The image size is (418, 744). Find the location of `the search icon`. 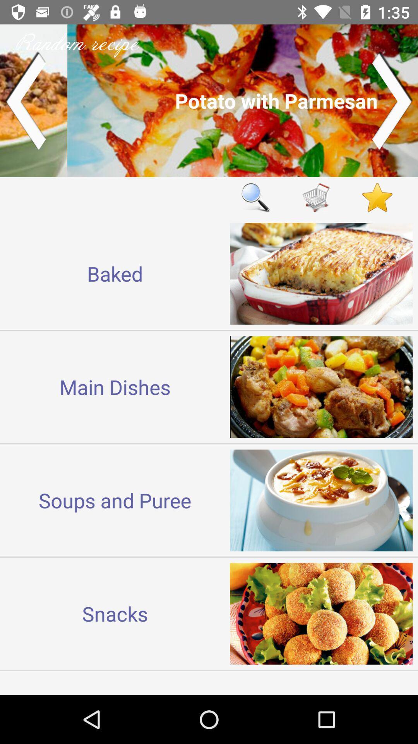

the search icon is located at coordinates (255, 197).